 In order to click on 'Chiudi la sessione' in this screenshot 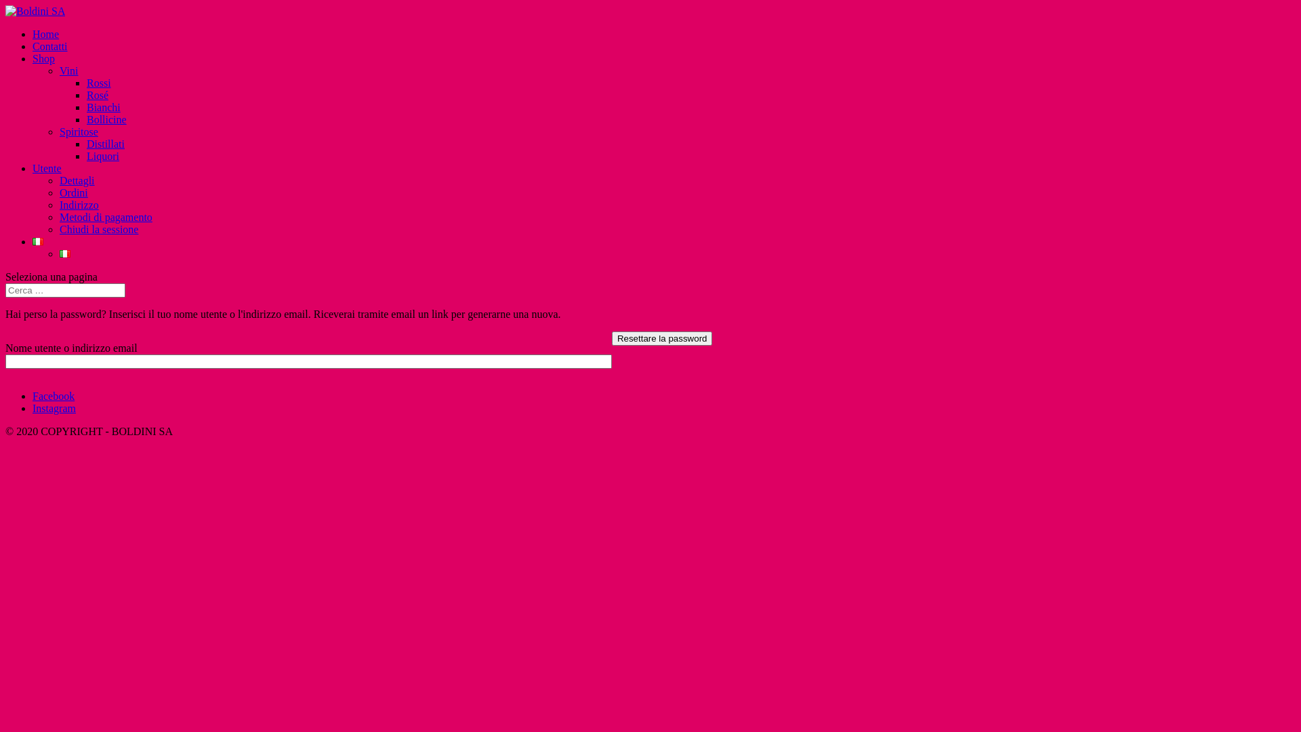, I will do `click(98, 228)`.